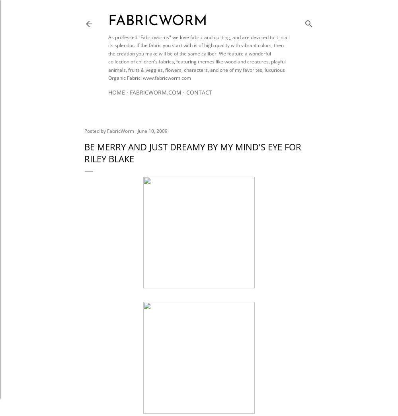 The height and width of the screenshot is (416, 398). I want to click on 'Fabricworm.com', so click(156, 92).